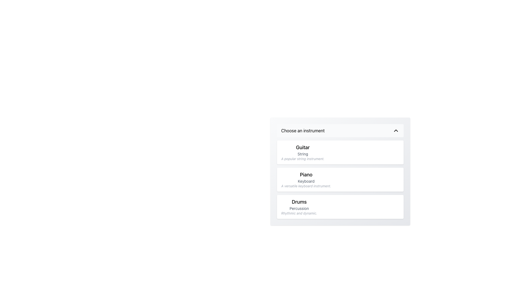 This screenshot has height=294, width=524. Describe the element at coordinates (299, 207) in the screenshot. I see `the informational text block about 'Drums', which is the third item in a vertical list of text blocks, located towards the bottom-right area of the interface` at that location.